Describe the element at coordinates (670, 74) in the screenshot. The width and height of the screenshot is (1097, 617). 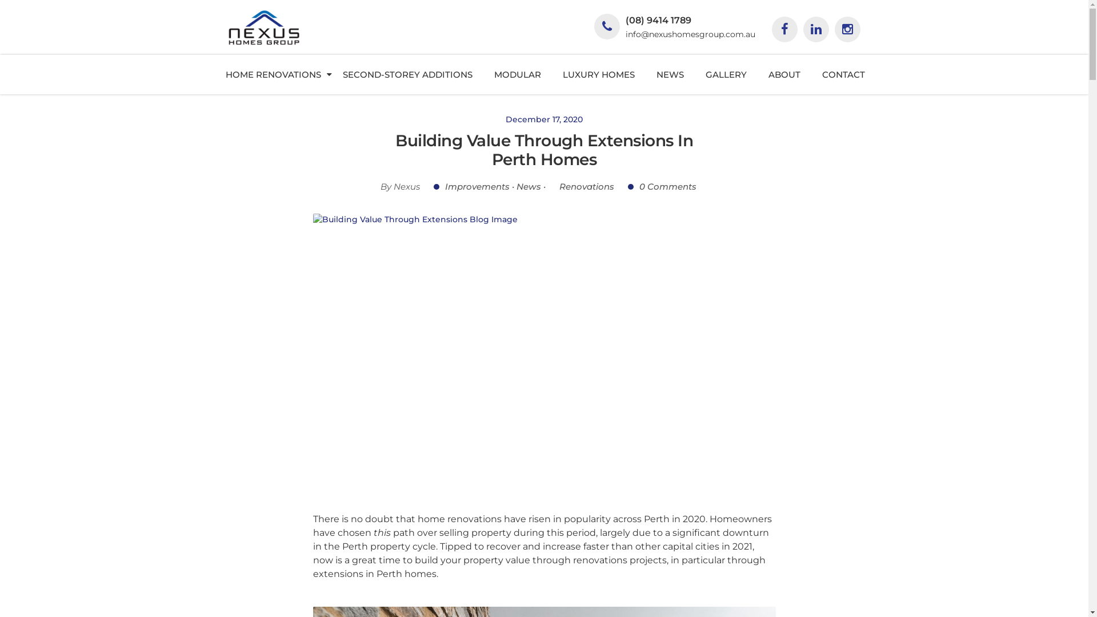
I see `'NEWS'` at that location.